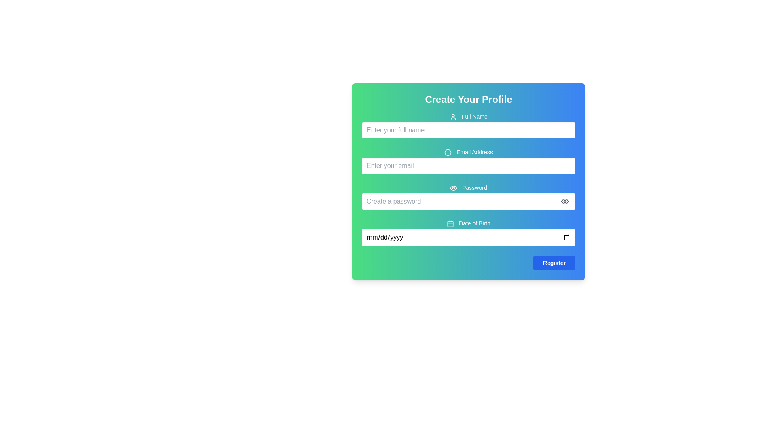  I want to click on the calendar icon located to the left of the 'mm/dd/yyyy' text input field, so click(450, 223).